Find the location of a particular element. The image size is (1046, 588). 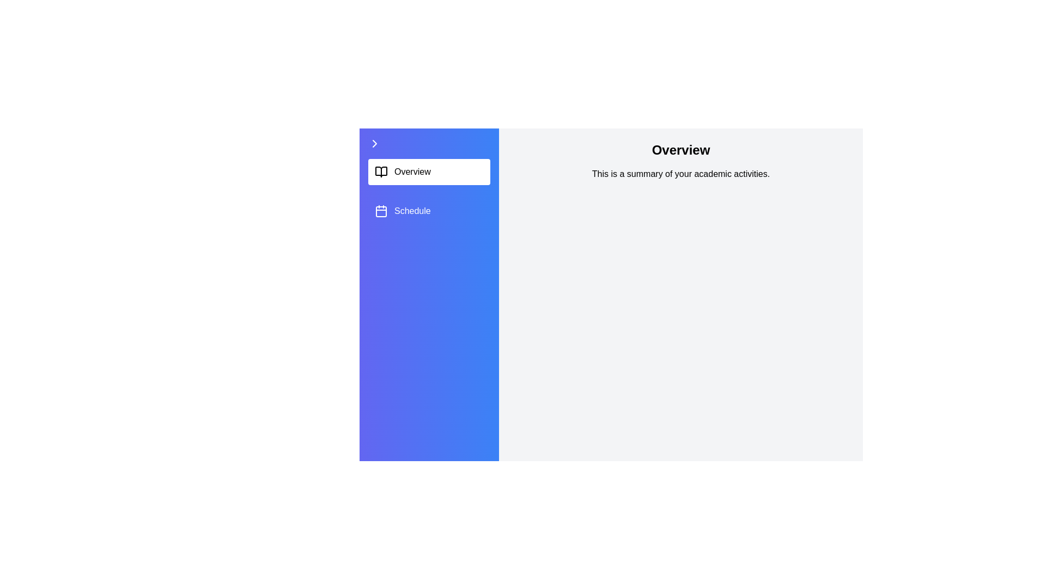

sidebar toggle icon to expand or collapse the sidebar is located at coordinates (374, 143).